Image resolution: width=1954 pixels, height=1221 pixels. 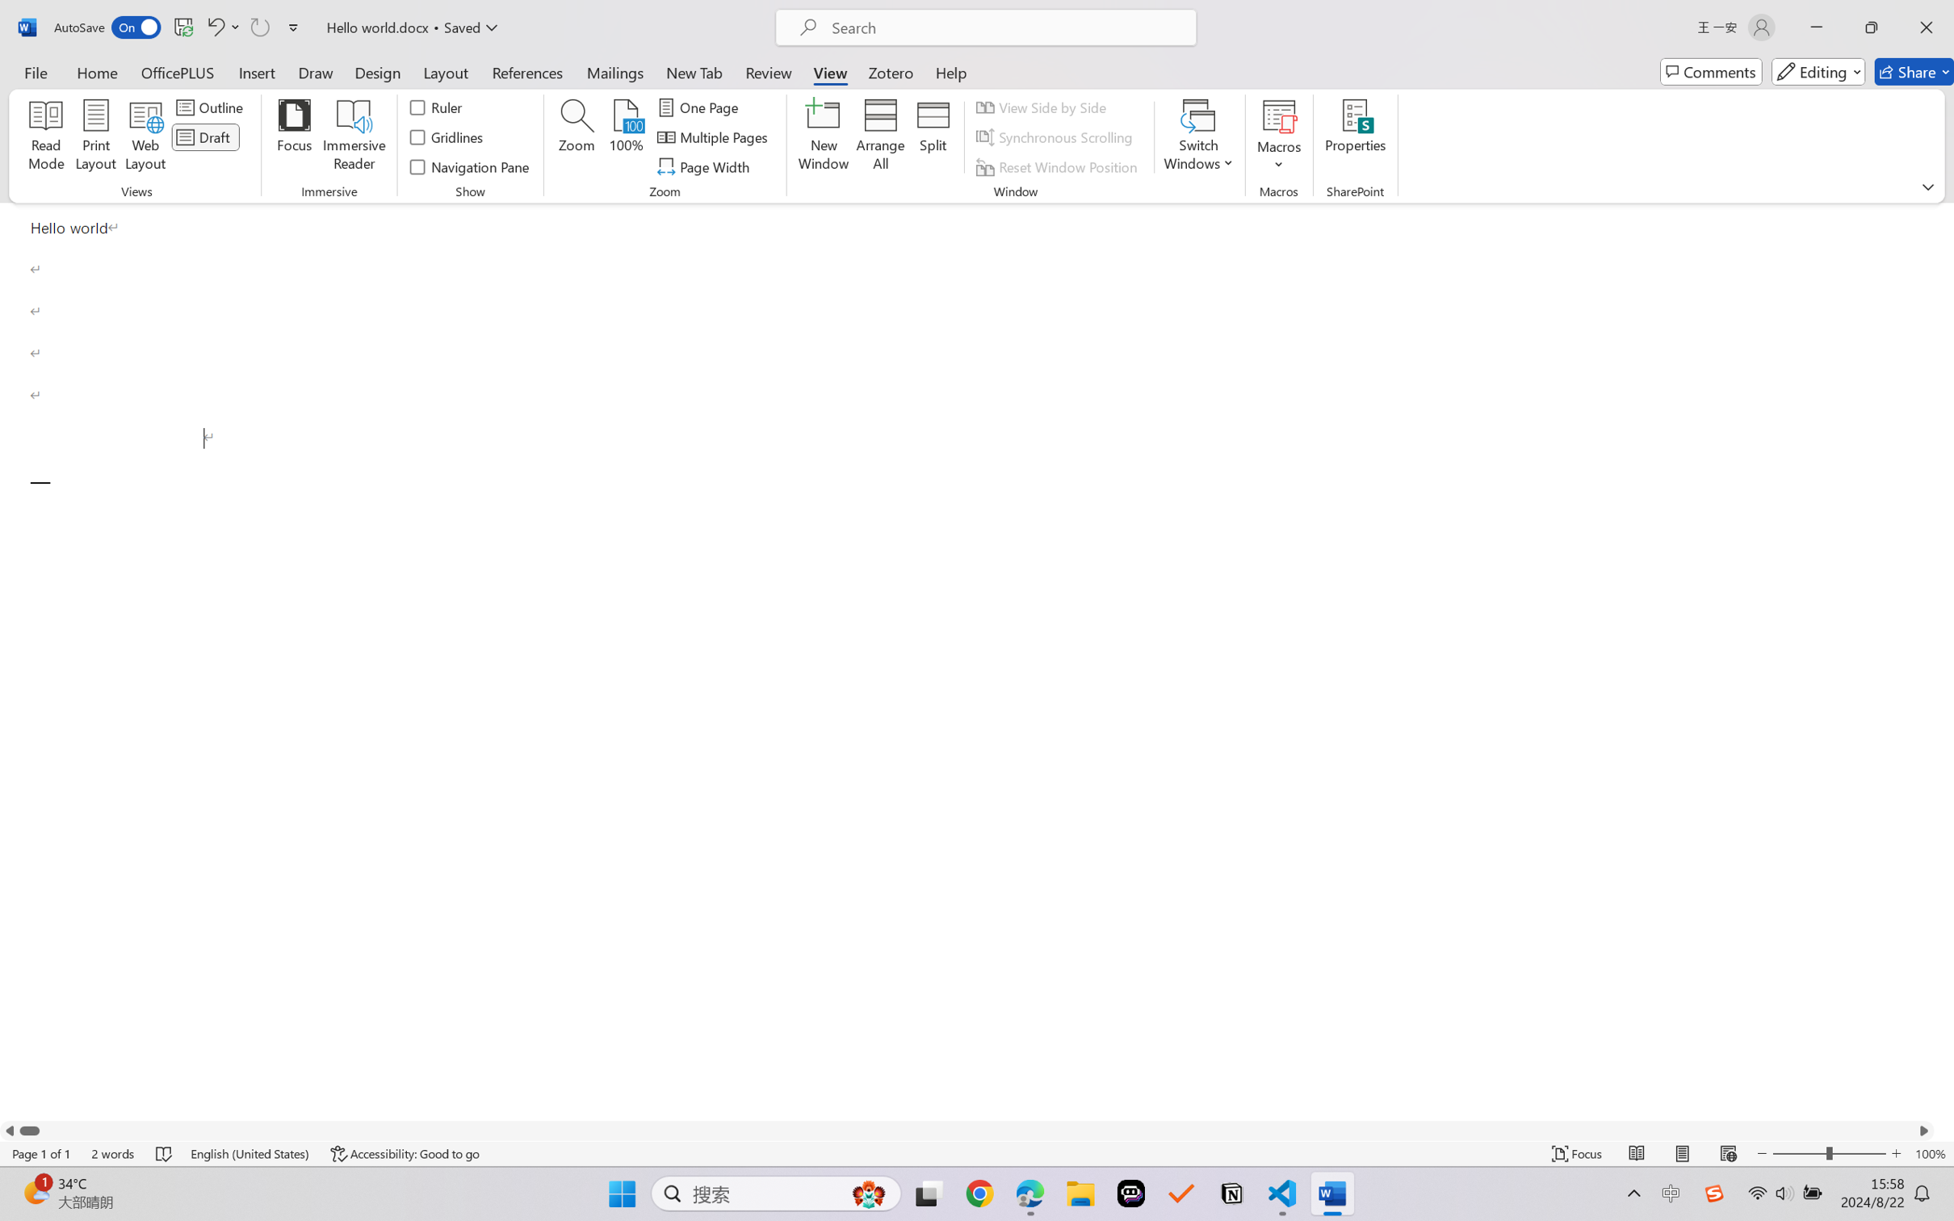 What do you see at coordinates (615, 71) in the screenshot?
I see `'Mailings'` at bounding box center [615, 71].